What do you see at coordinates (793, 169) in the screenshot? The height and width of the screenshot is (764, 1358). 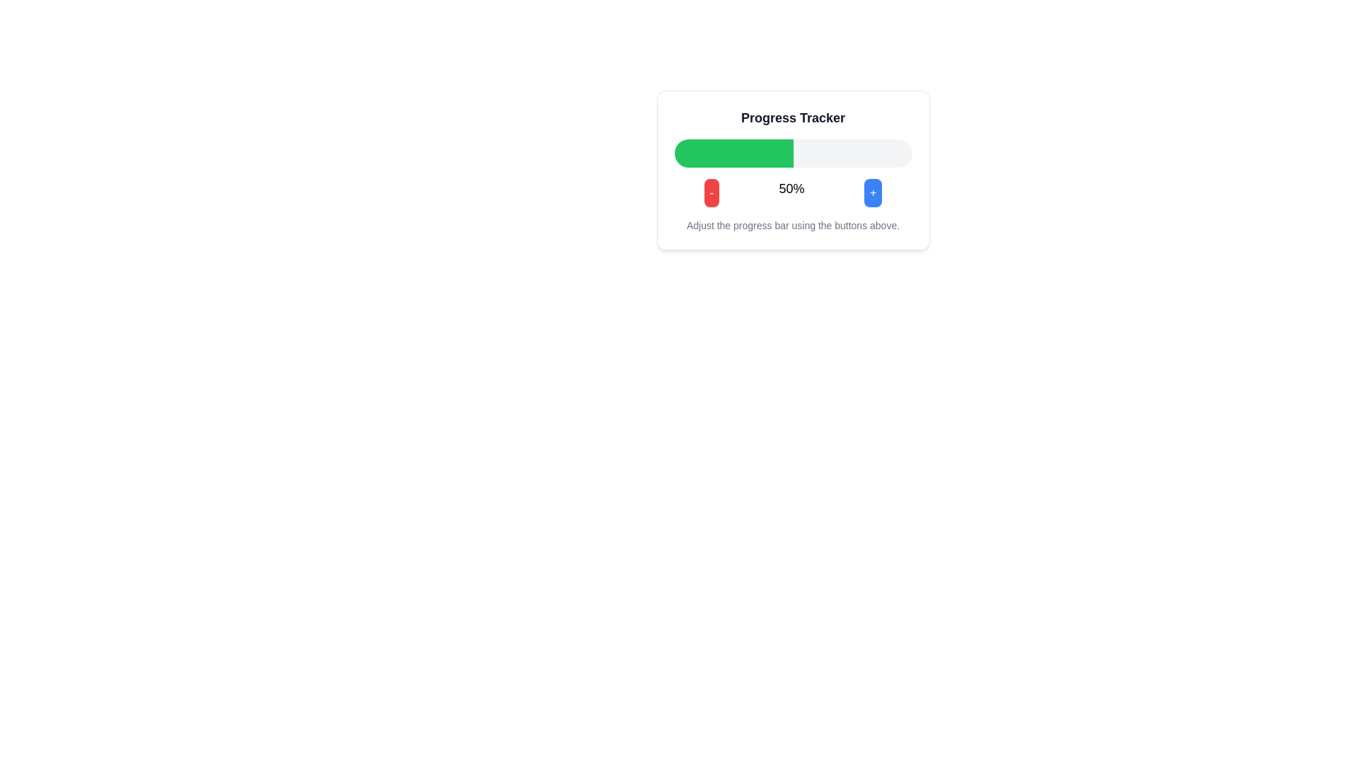 I see `instructional text located at the bottom of the Progress Tracker card, which states 'Adjust the progress bar using the buttons above.'` at bounding box center [793, 169].